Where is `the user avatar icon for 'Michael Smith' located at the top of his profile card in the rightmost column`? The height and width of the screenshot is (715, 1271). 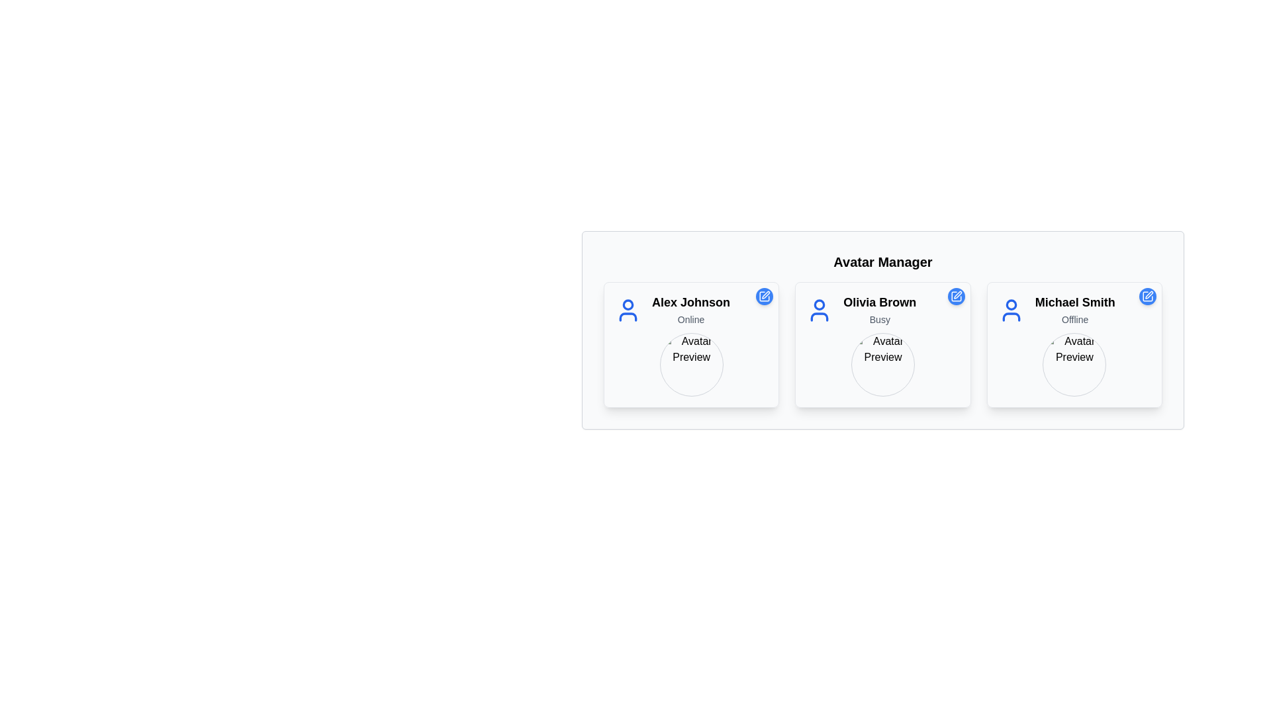 the user avatar icon for 'Michael Smith' located at the top of his profile card in the rightmost column is located at coordinates (1010, 310).